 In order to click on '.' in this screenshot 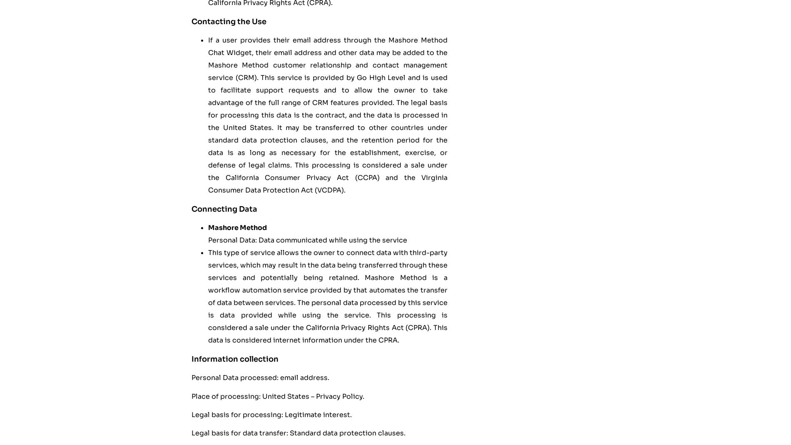, I will do `click(363, 396)`.